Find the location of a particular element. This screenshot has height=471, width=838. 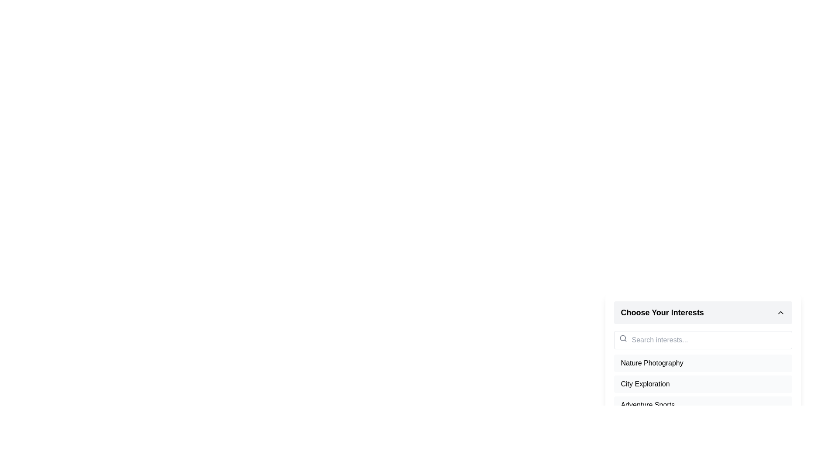

the third selectable option in the list under the header 'Choose Your Interests', which is located below 'City Exploration' is located at coordinates (648, 405).